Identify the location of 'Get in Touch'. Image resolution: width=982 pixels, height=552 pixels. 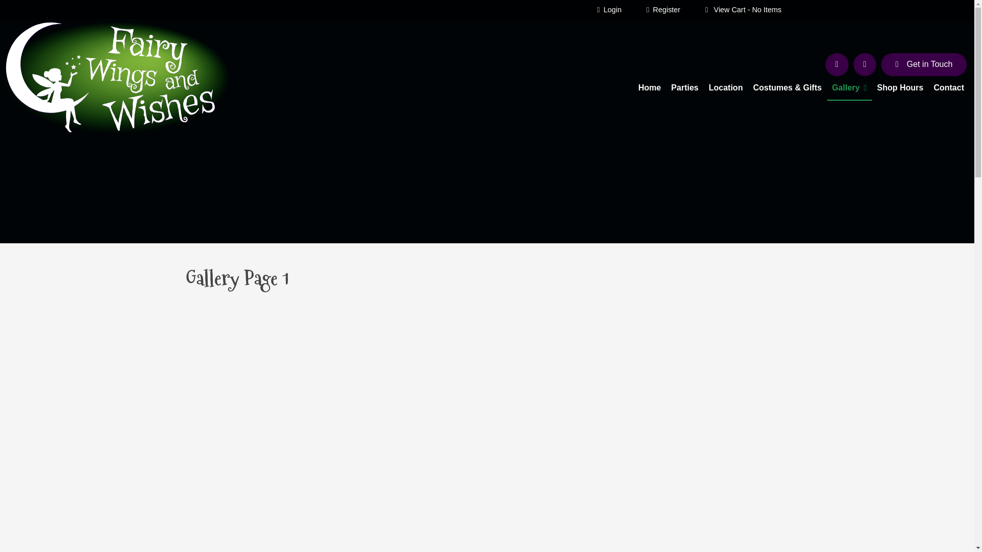
(924, 65).